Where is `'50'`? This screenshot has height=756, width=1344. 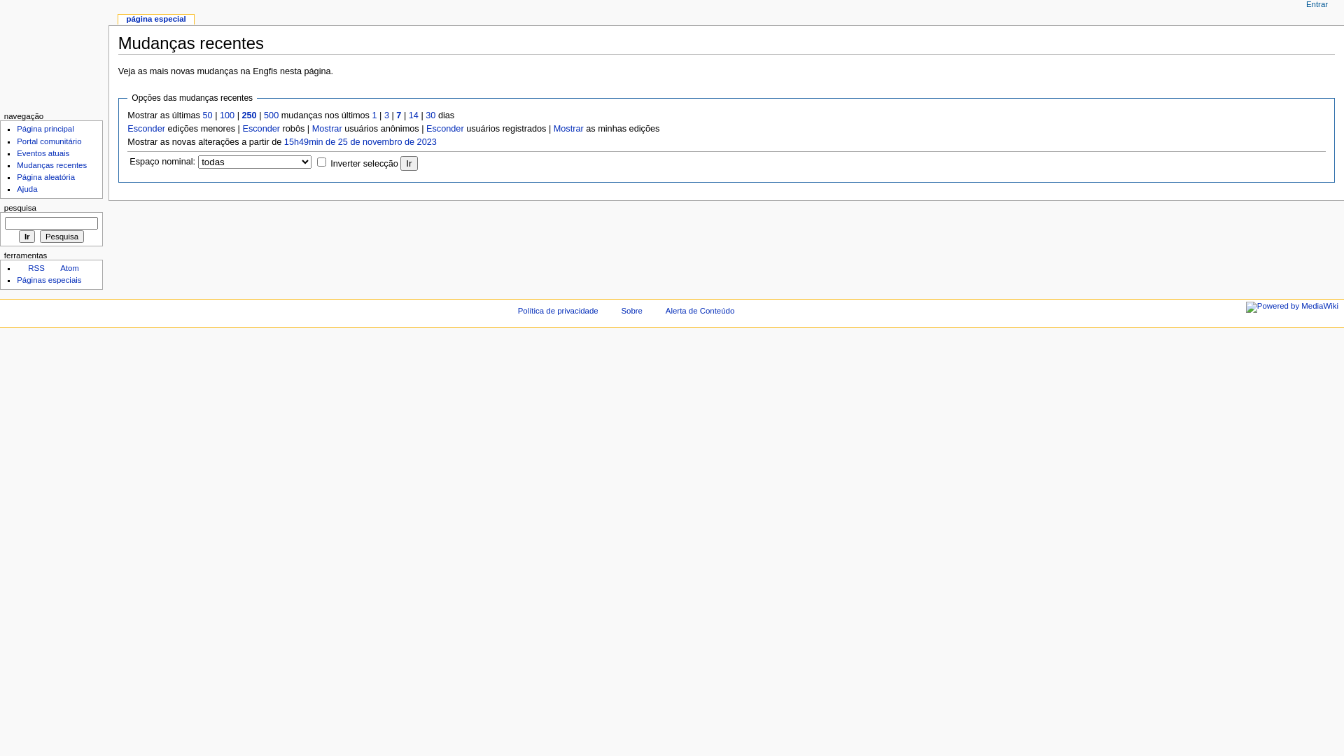
'50' is located at coordinates (206, 115).